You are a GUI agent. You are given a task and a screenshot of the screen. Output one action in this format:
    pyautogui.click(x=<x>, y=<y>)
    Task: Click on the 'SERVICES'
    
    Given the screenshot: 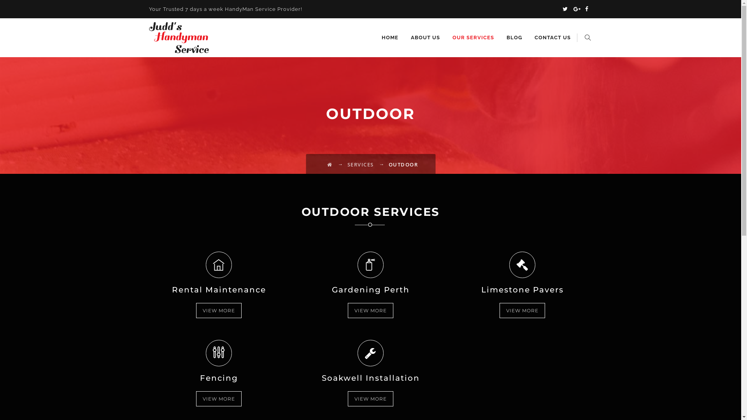 What is the action you would take?
    pyautogui.click(x=360, y=164)
    